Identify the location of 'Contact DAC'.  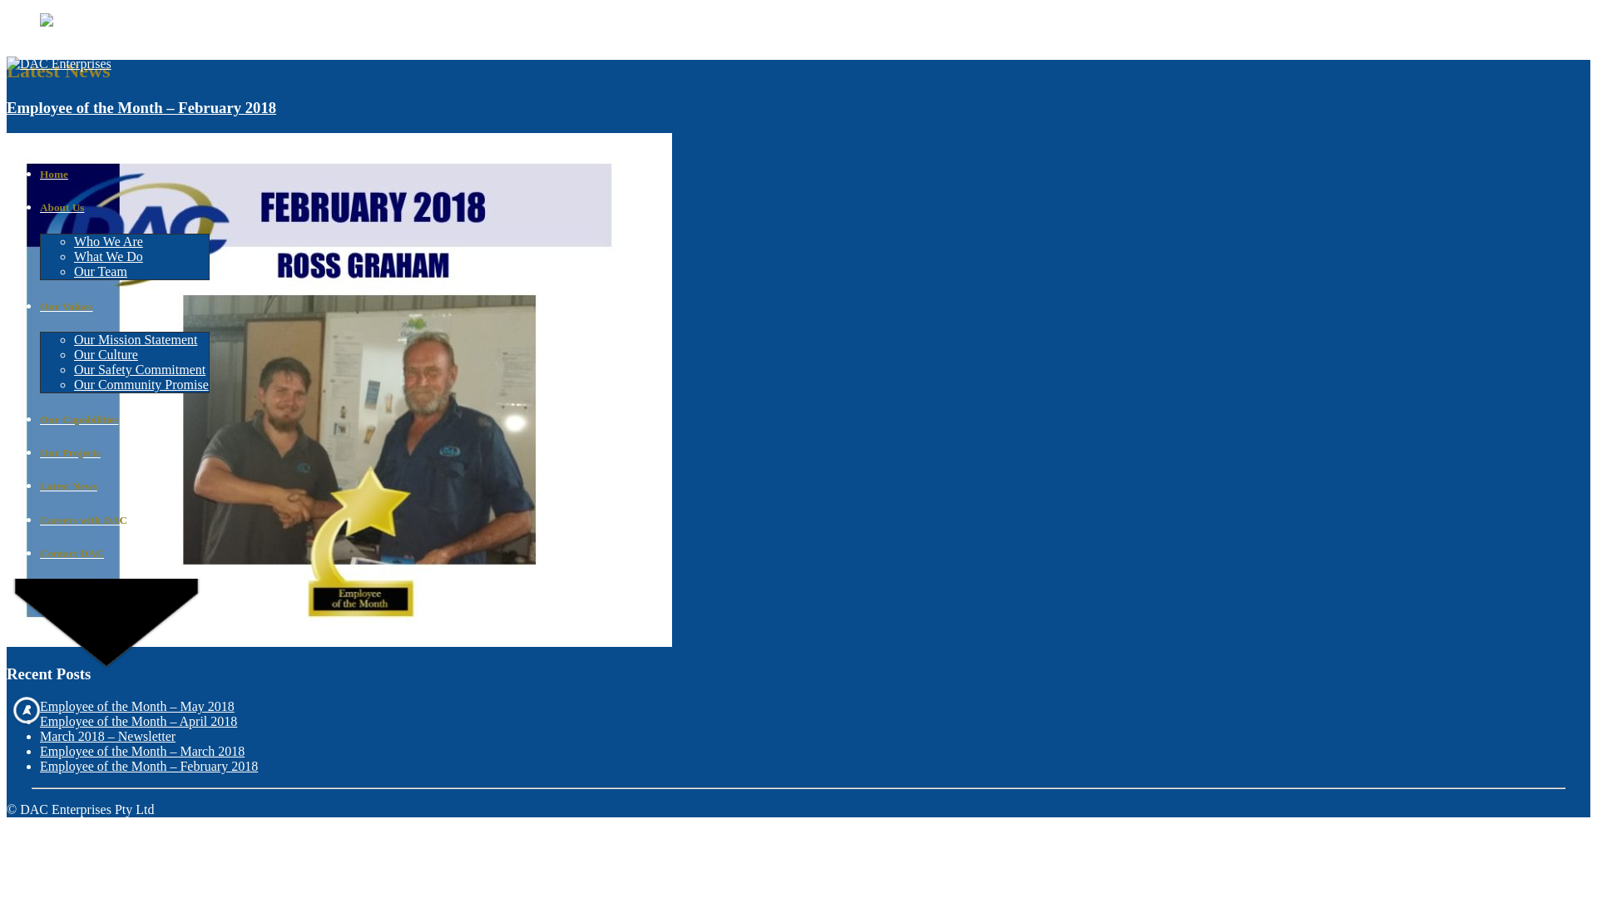
(40, 554).